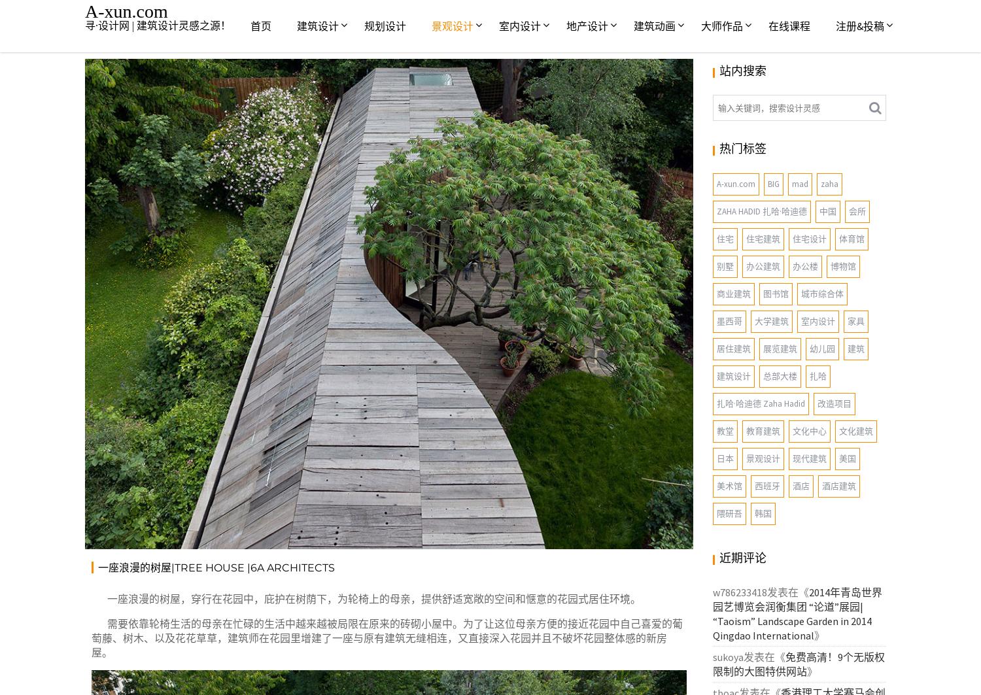  I want to click on '2014年青岛世界园艺博览会润衡集团 “论道”展园|“Taoism” Landscape Garden in 2014 Qingdao International', so click(797, 613).